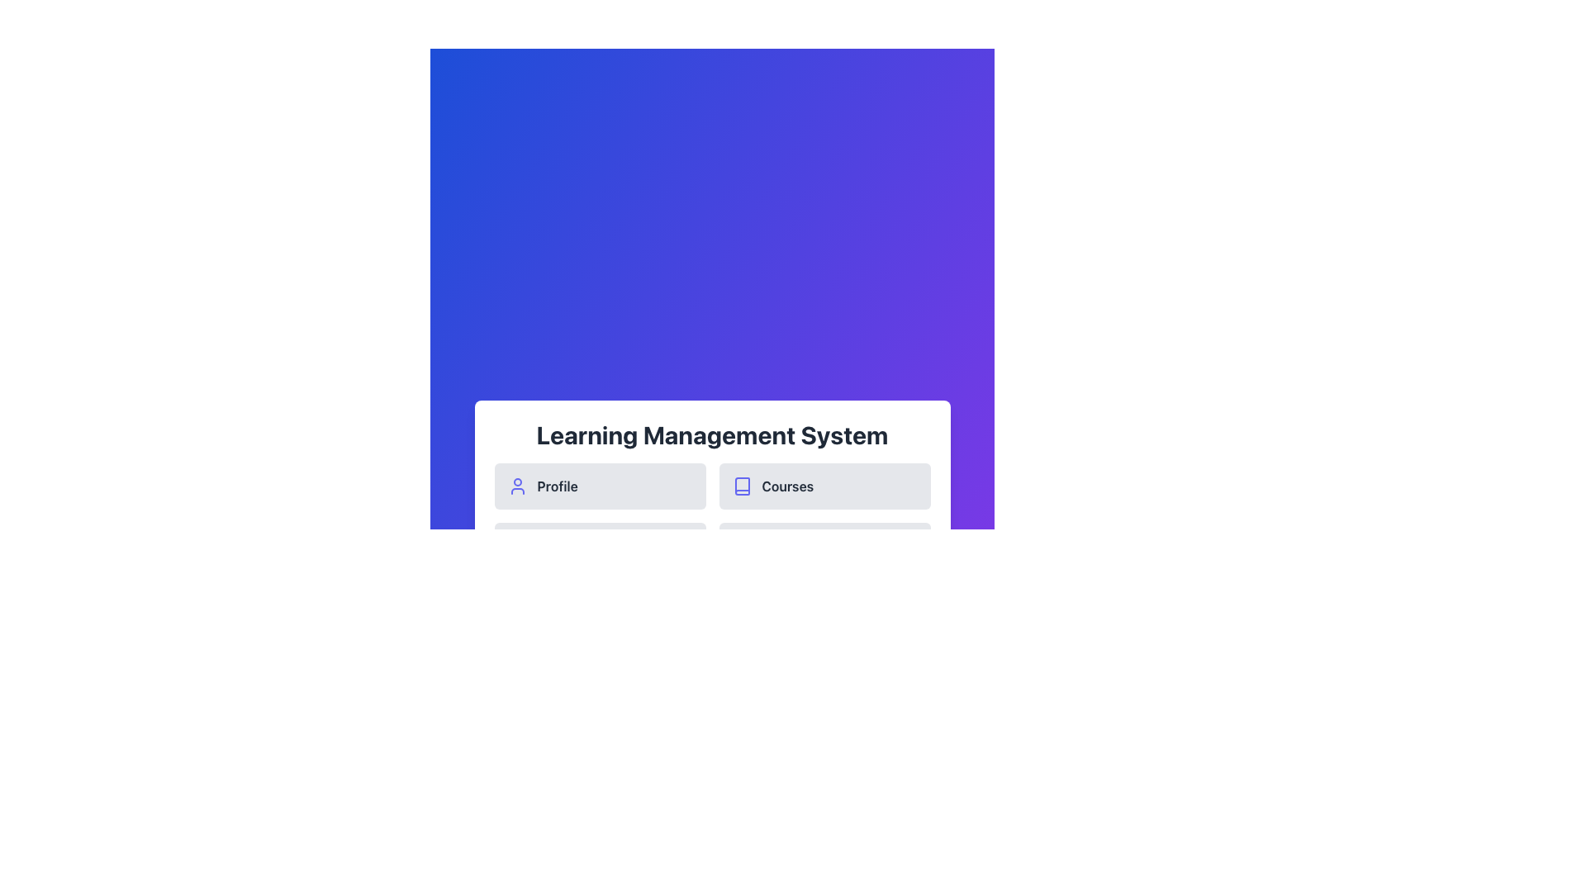 The width and height of the screenshot is (1586, 892). Describe the element at coordinates (786, 486) in the screenshot. I see `the text label indicating a section or category related to courses, located to the right of the book icon in the Learning Management System section` at that location.